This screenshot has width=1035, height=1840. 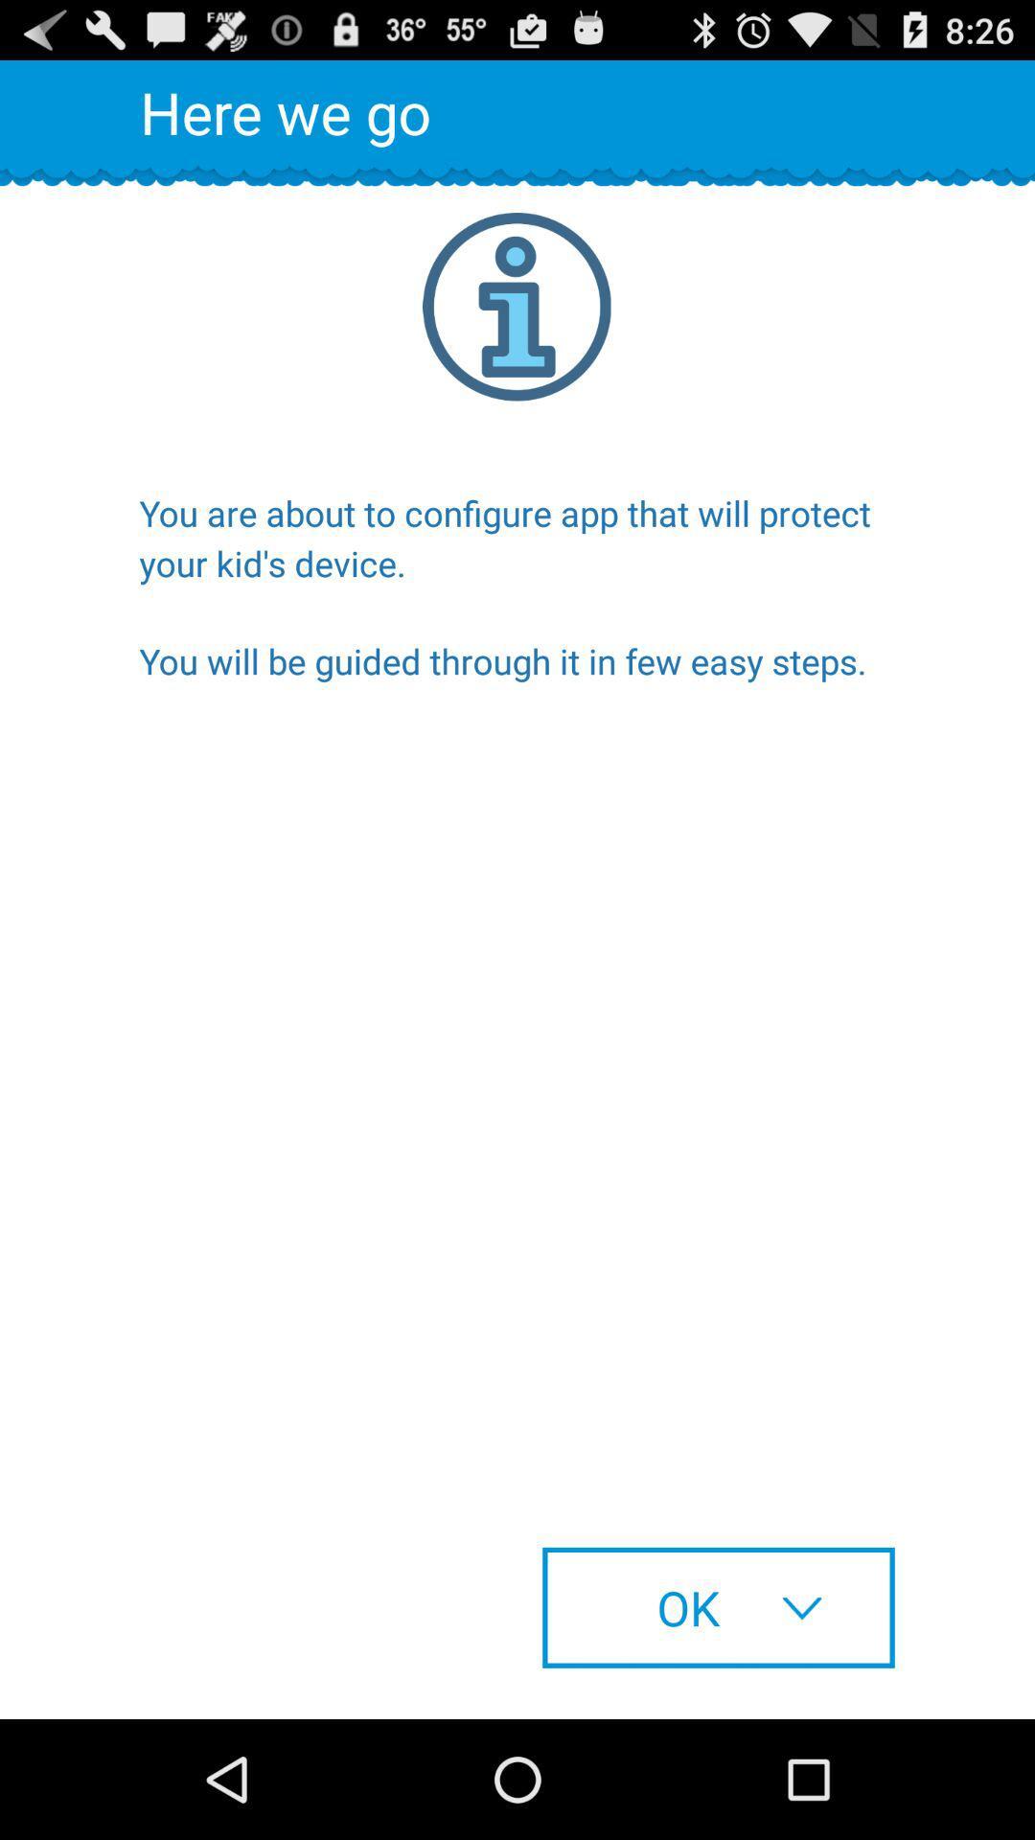 I want to click on the ok at the bottom right corner, so click(x=718, y=1607).